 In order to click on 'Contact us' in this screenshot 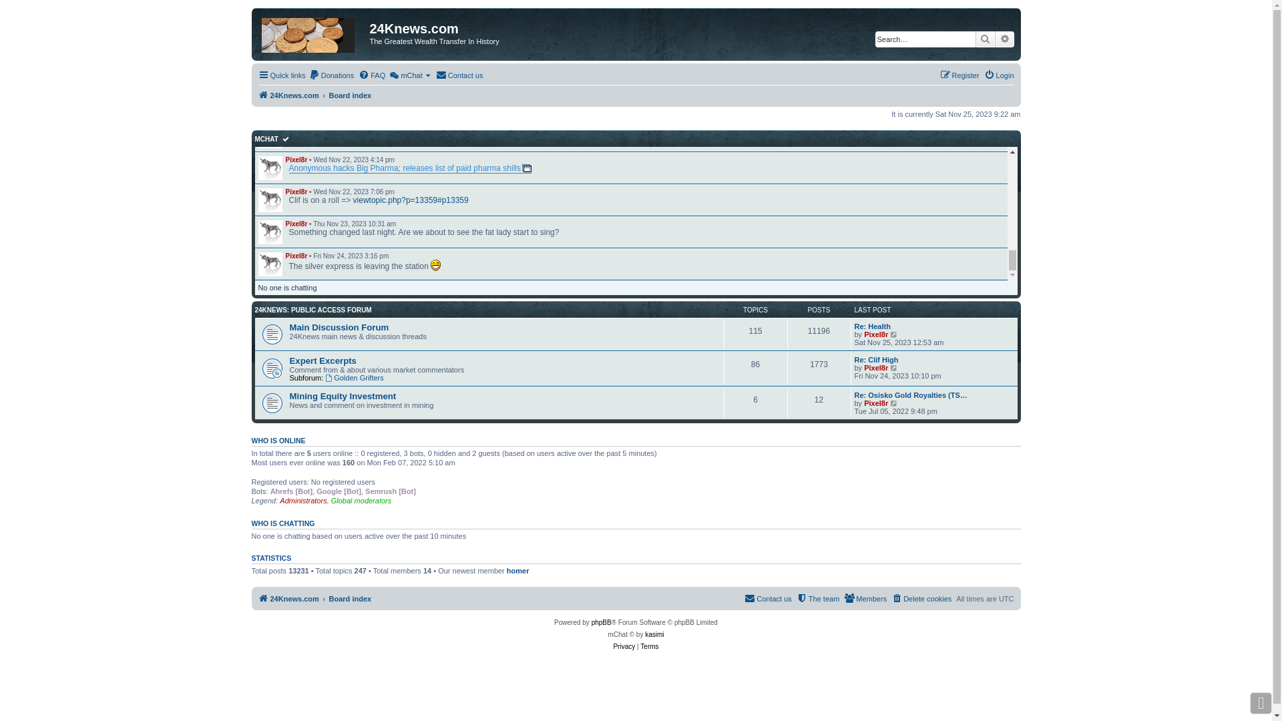, I will do `click(459, 75)`.